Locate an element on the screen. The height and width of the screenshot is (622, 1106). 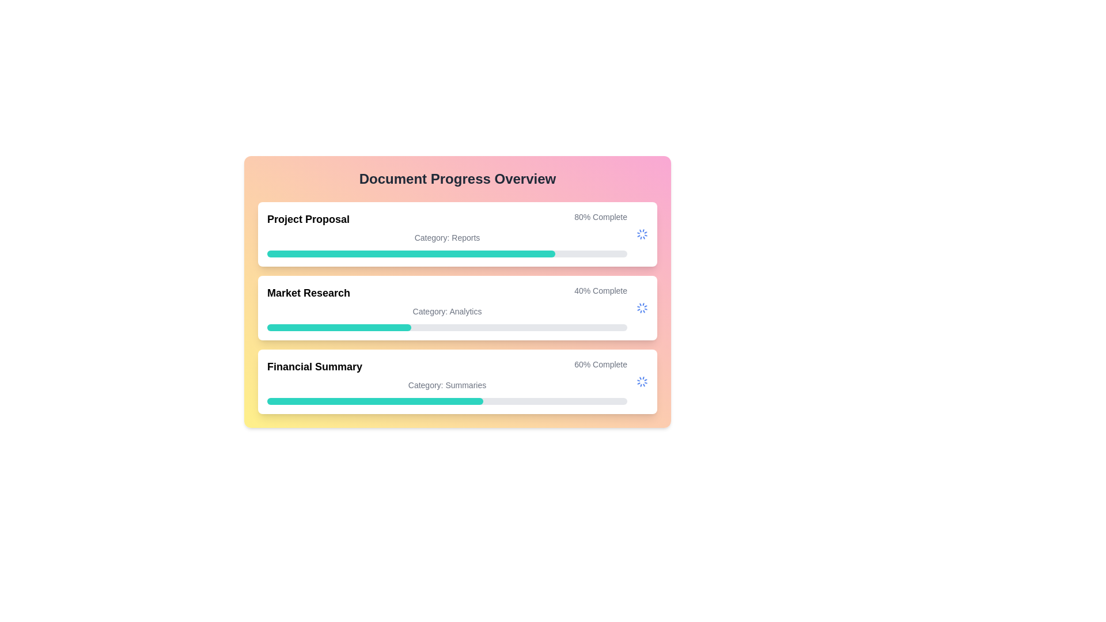
the teal-colored progress bar with rounded edges located within the 'Project Proposal' card, which is the first in a vertical list of progress indicators is located at coordinates (411, 253).